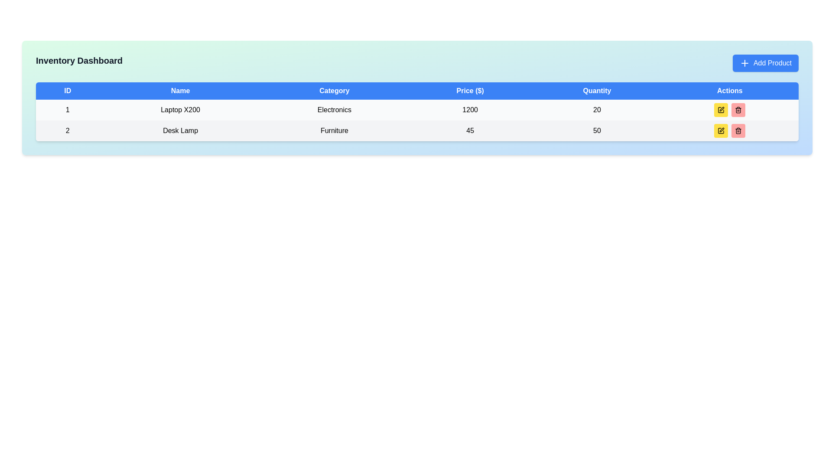 The image size is (832, 468). Describe the element at coordinates (721, 110) in the screenshot. I see `the pen icon within the square with rounded corners in the actions column of the second row in the product table` at that location.